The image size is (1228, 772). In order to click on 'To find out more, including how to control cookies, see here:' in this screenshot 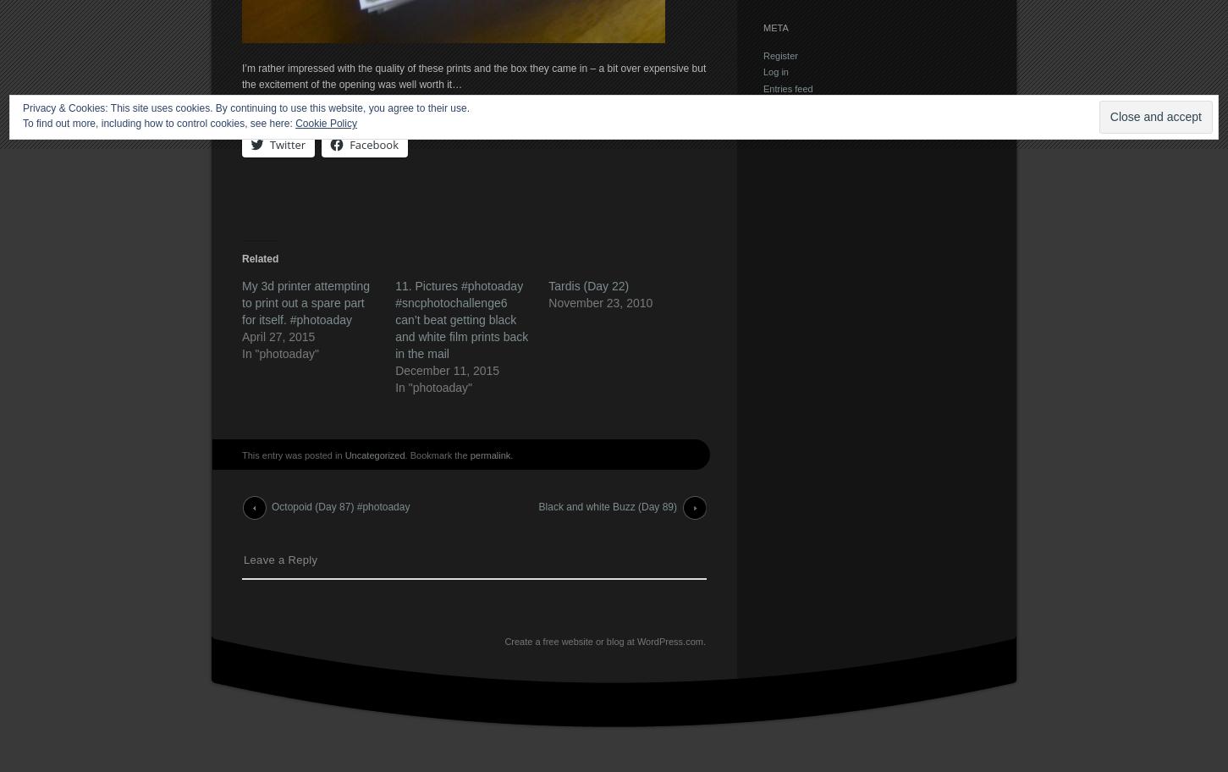, I will do `click(158, 123)`.